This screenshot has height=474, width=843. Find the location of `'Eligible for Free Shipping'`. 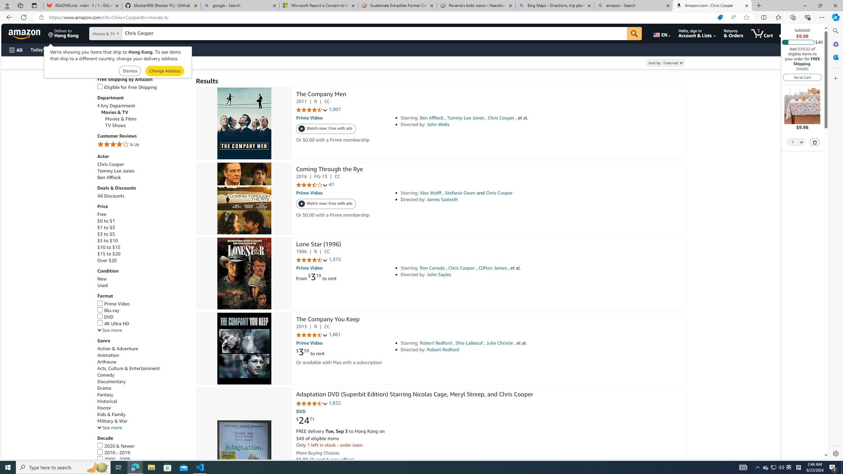

'Eligible for Free Shipping' is located at coordinates (143, 87).